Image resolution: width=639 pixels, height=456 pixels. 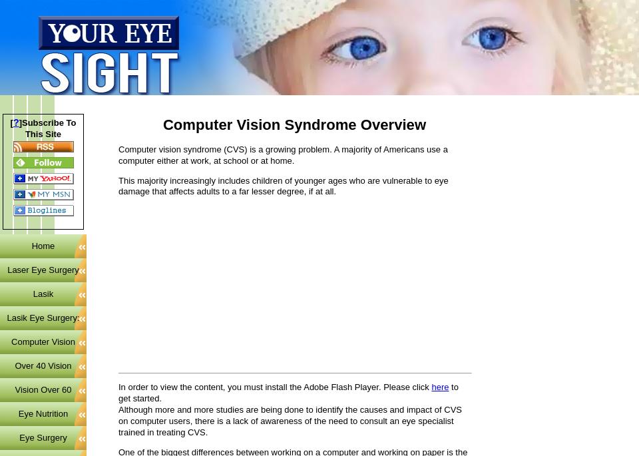 I want to click on 'Computer Vision', so click(x=10, y=341).